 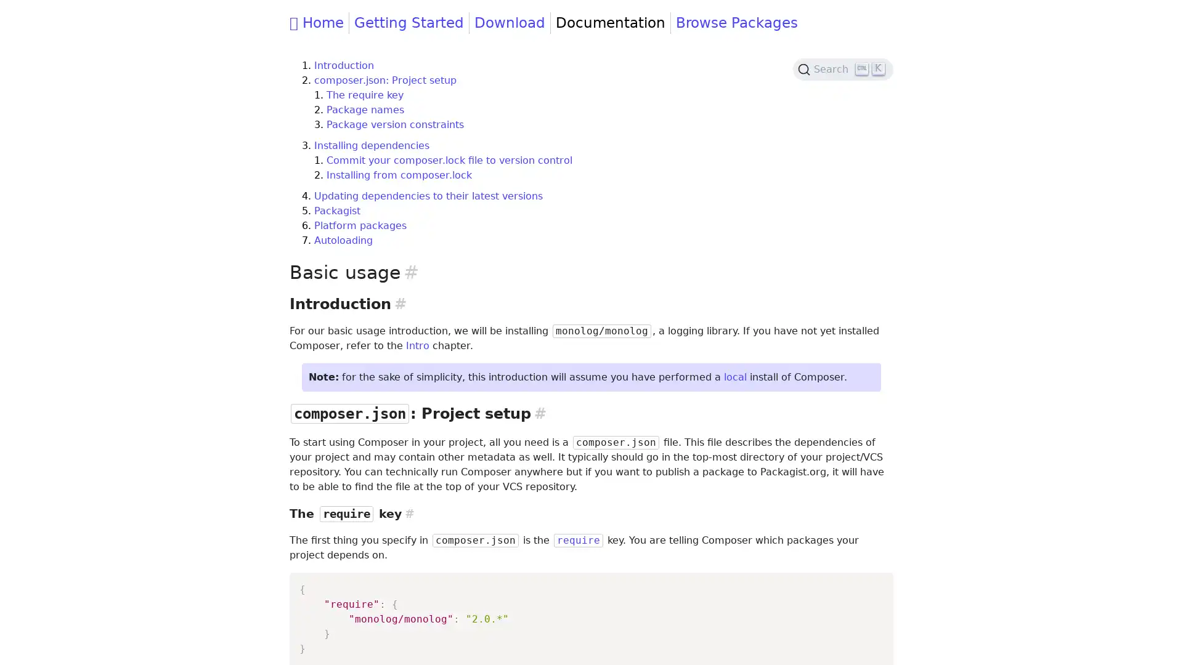 I want to click on Search, so click(x=842, y=68).